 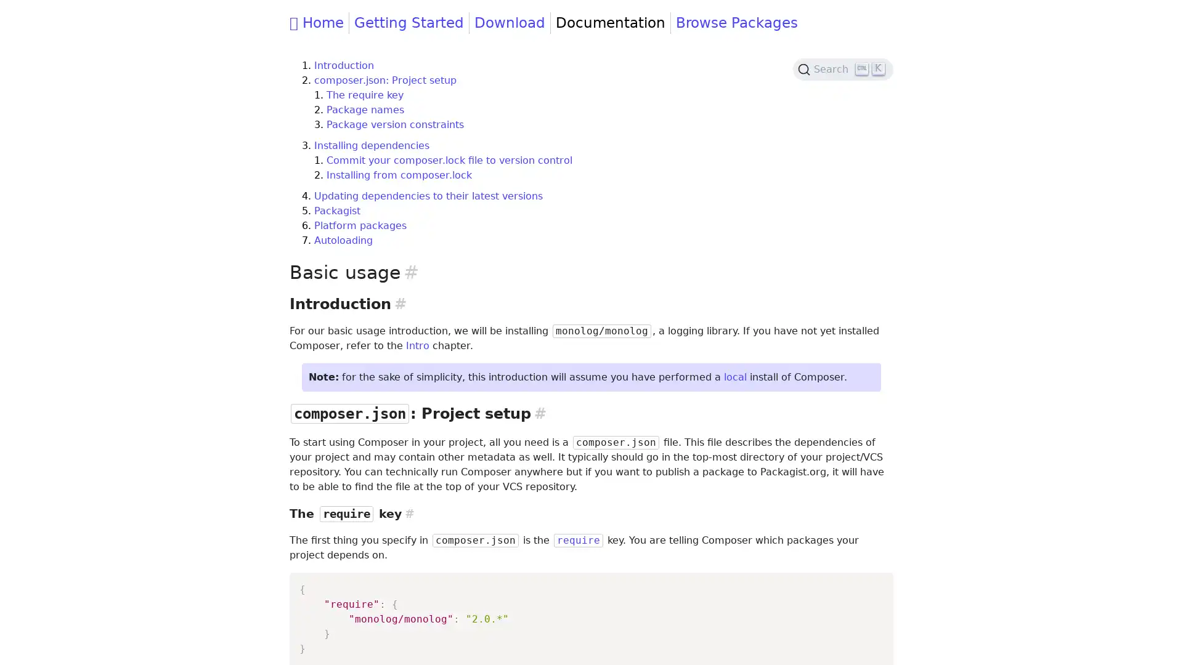 I want to click on Search, so click(x=842, y=68).